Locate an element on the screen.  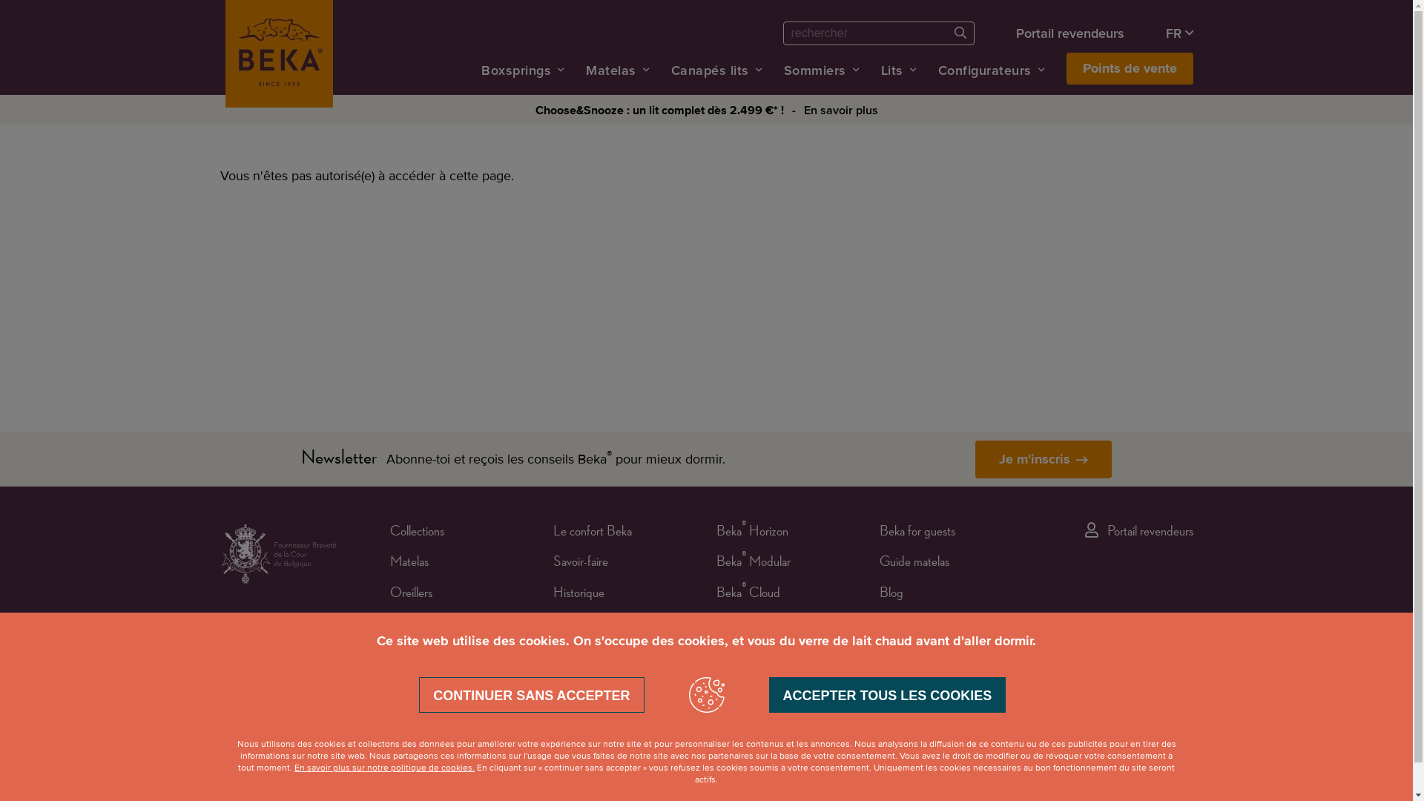
'Collections' is located at coordinates (416, 533).